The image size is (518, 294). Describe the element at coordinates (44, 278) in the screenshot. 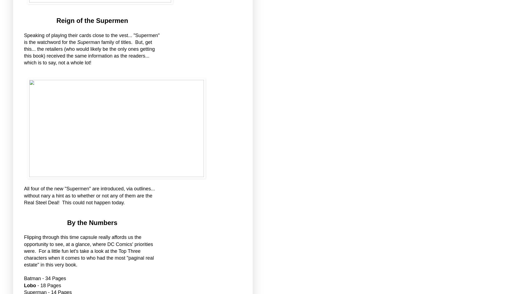

I see `'Batman - 34 Pages'` at that location.